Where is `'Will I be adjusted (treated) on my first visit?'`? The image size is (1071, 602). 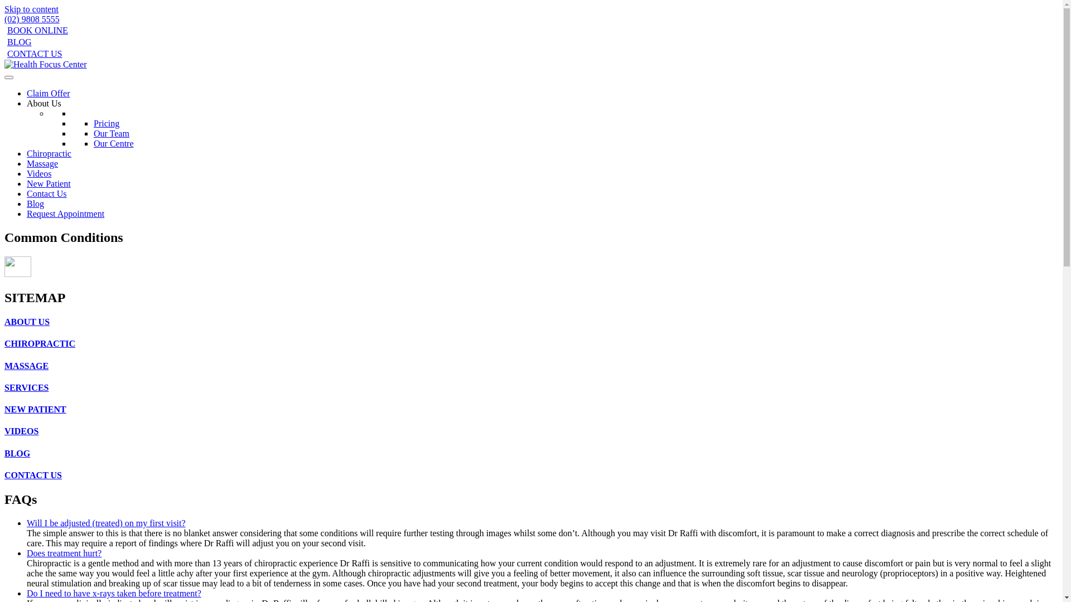
'Will I be adjusted (treated) on my first visit?' is located at coordinates (106, 523).